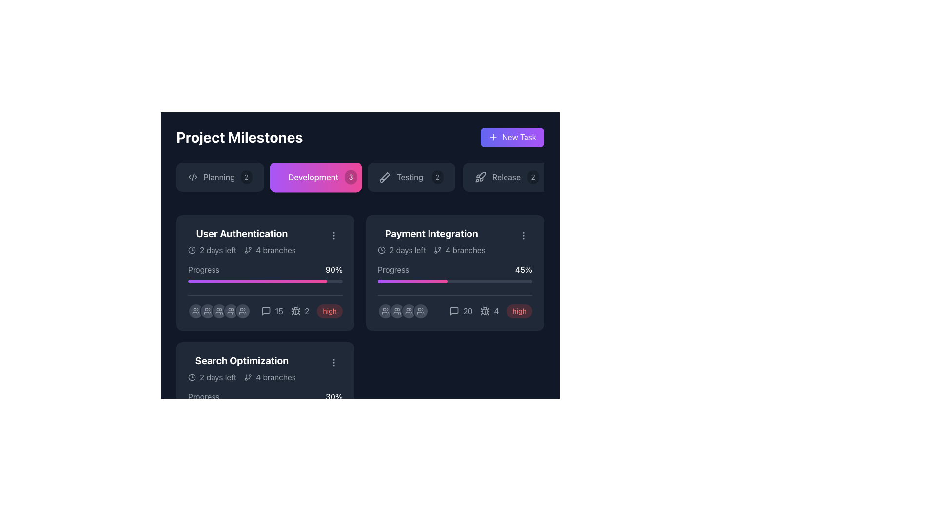 This screenshot has height=526, width=936. What do you see at coordinates (351, 177) in the screenshot?
I see `the displayed count on the circular badge located to the right of the 'Development' button` at bounding box center [351, 177].